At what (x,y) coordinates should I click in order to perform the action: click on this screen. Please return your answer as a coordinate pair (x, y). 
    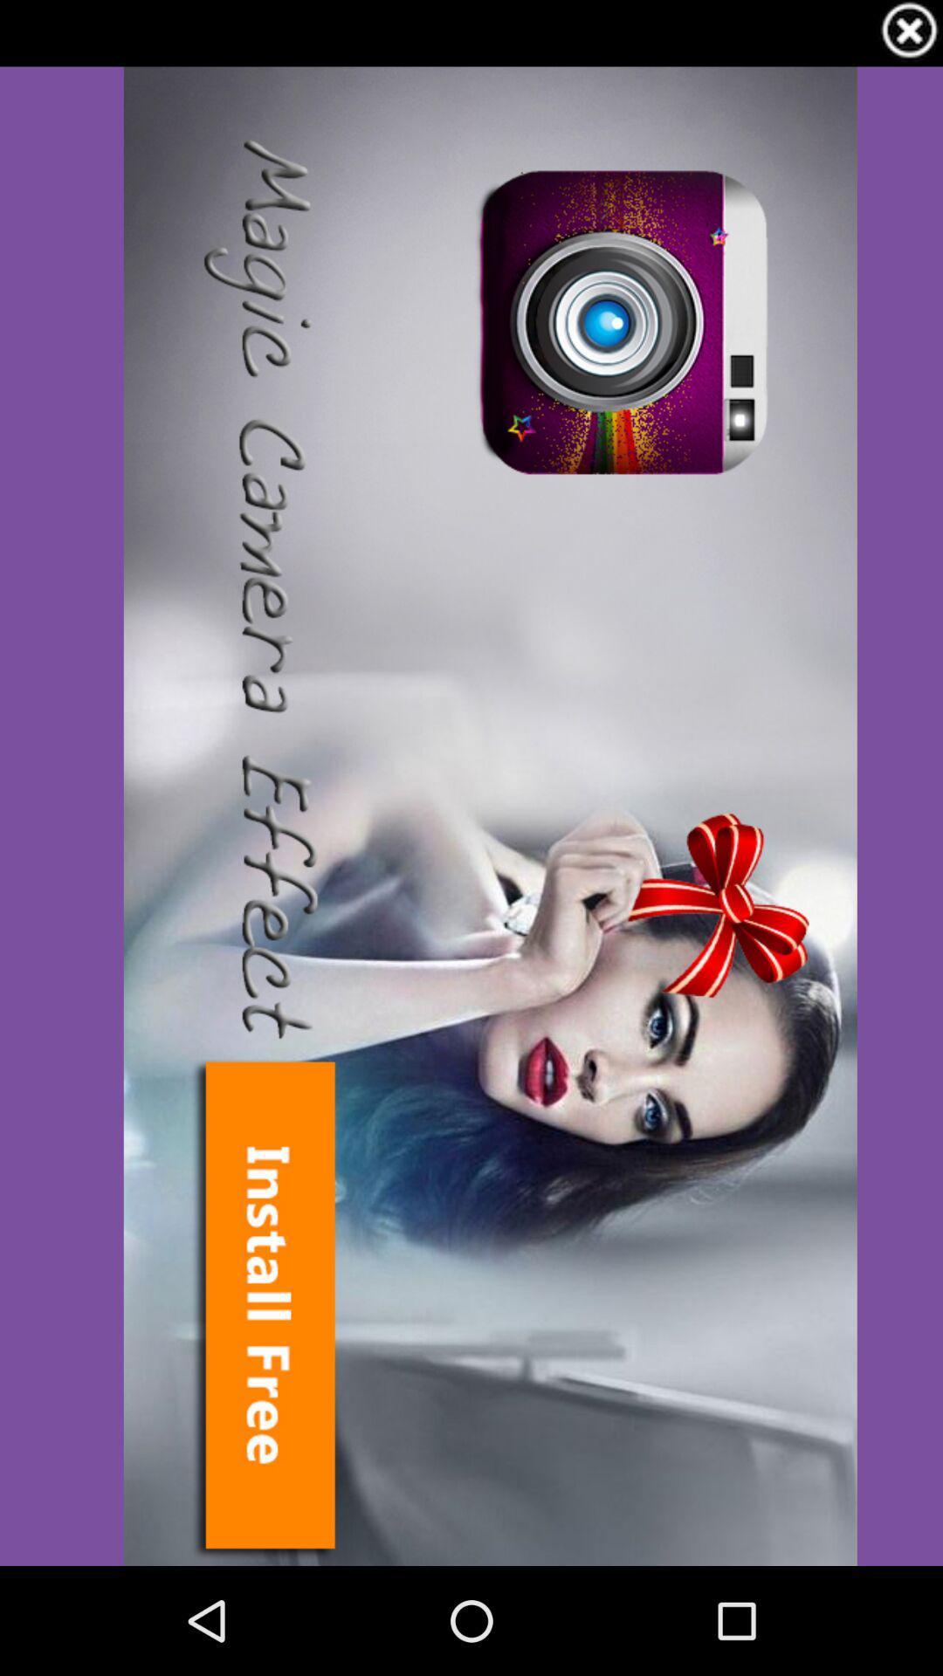
    Looking at the image, I should click on (908, 33).